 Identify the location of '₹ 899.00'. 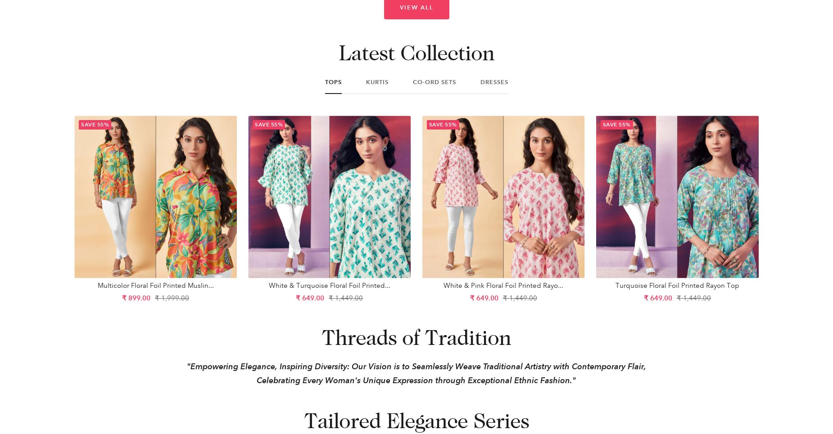
(122, 298).